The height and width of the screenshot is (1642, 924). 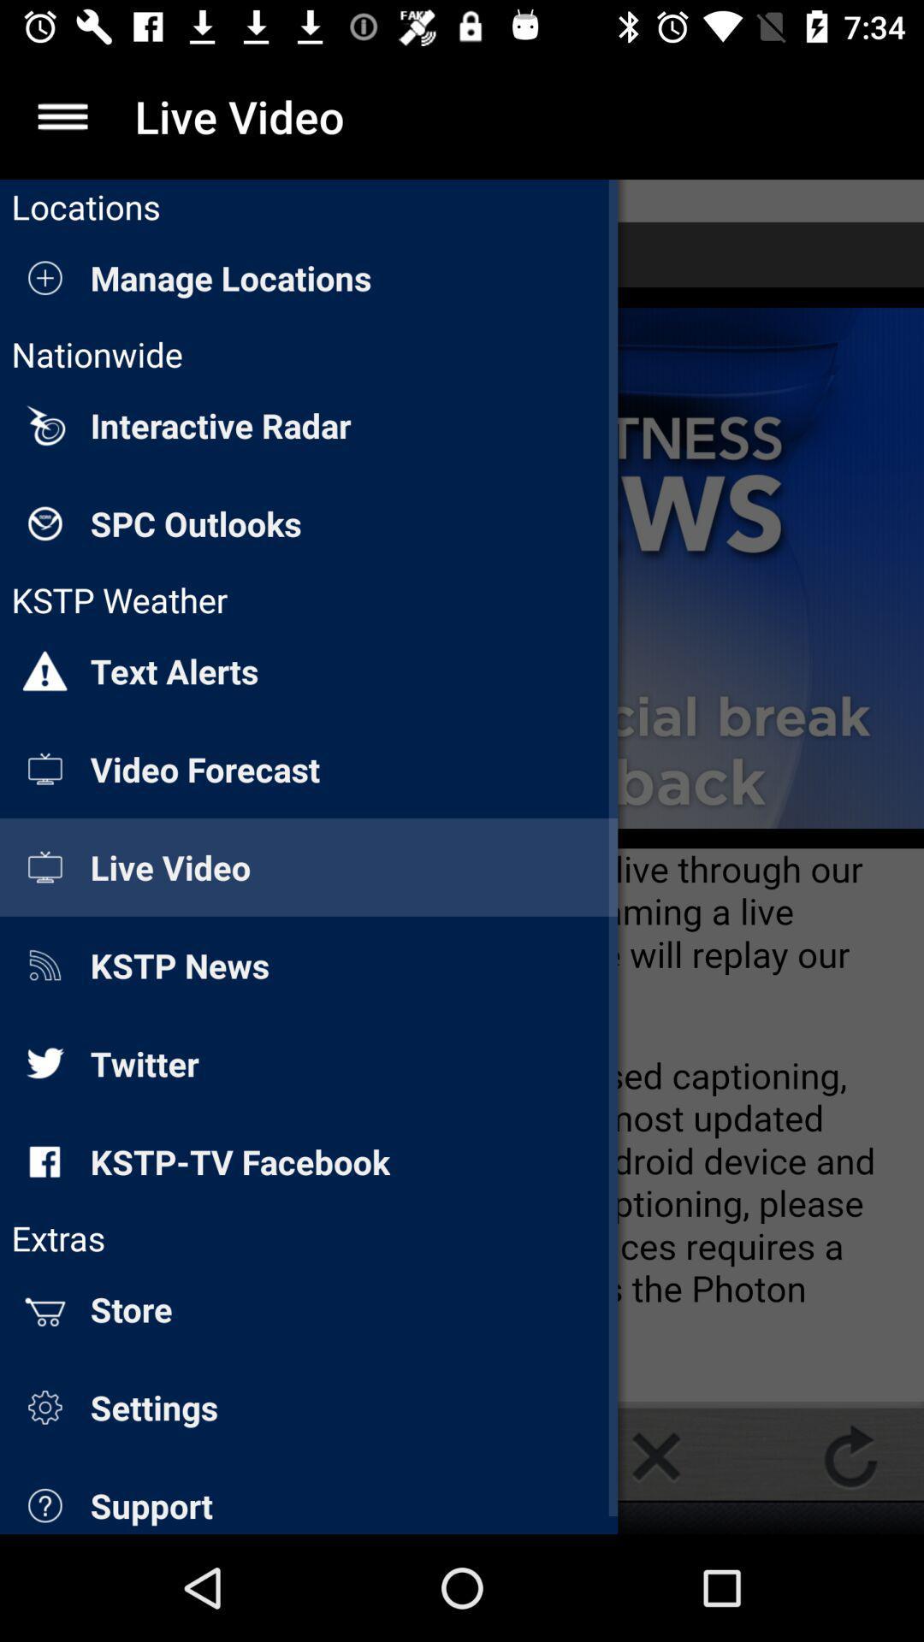 I want to click on the item next to the live video item, so click(x=62, y=115).